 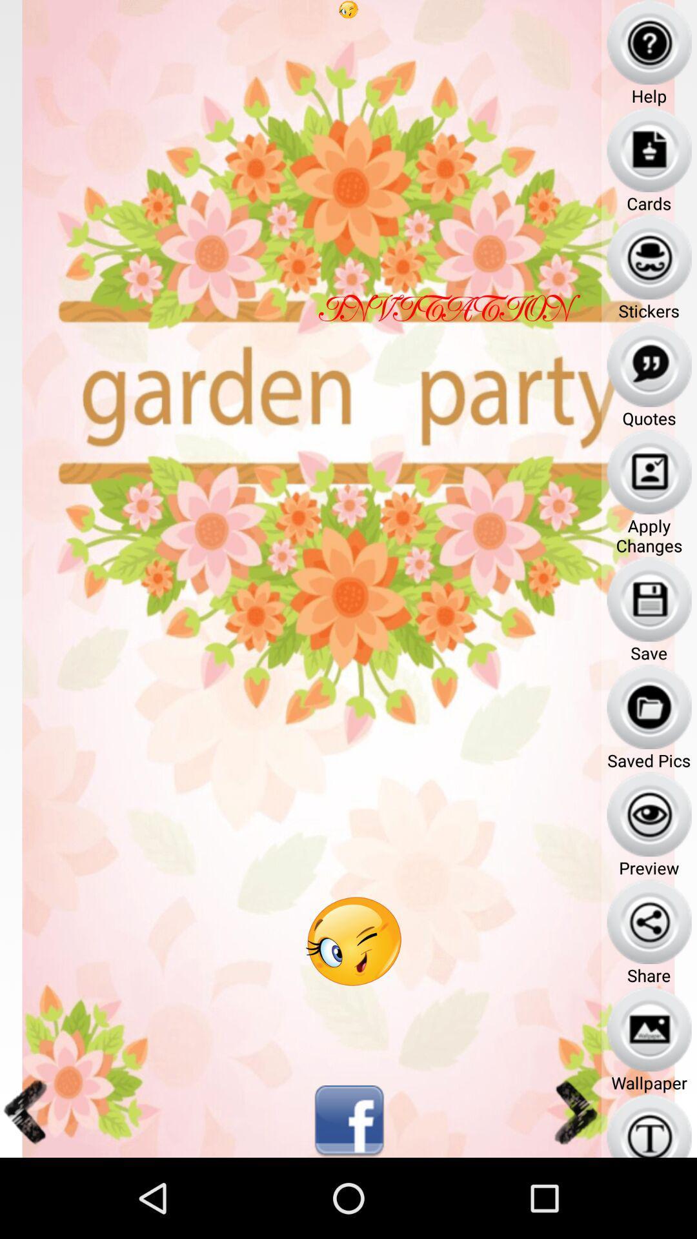 What do you see at coordinates (649, 150) in the screenshot?
I see `the icon above the text cards` at bounding box center [649, 150].